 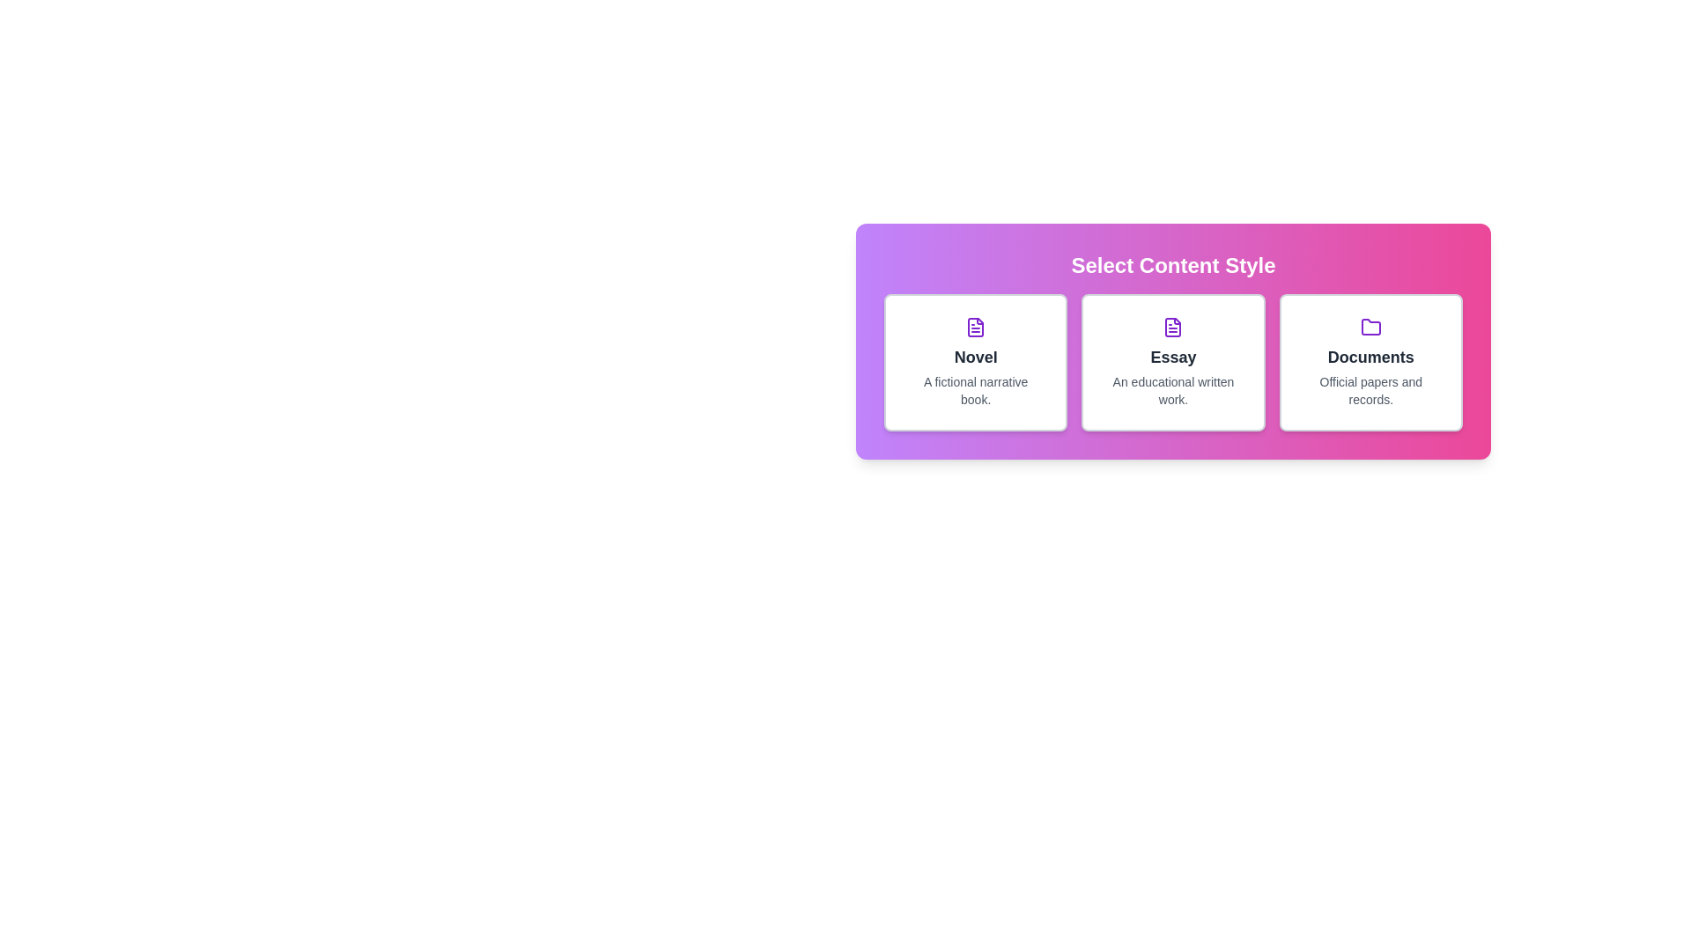 I want to click on 'Novel' text label, which is centrally positioned in the first card of three selectable options, located above a smaller descriptive text and below a book icon, so click(x=975, y=357).